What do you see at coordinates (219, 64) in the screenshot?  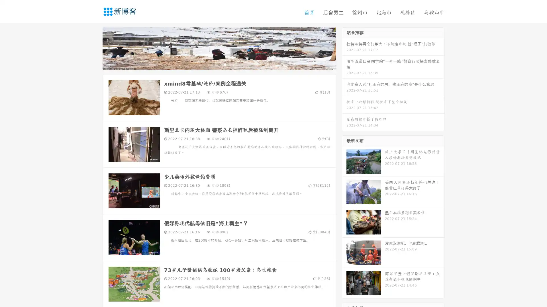 I see `Go to slide 2` at bounding box center [219, 64].